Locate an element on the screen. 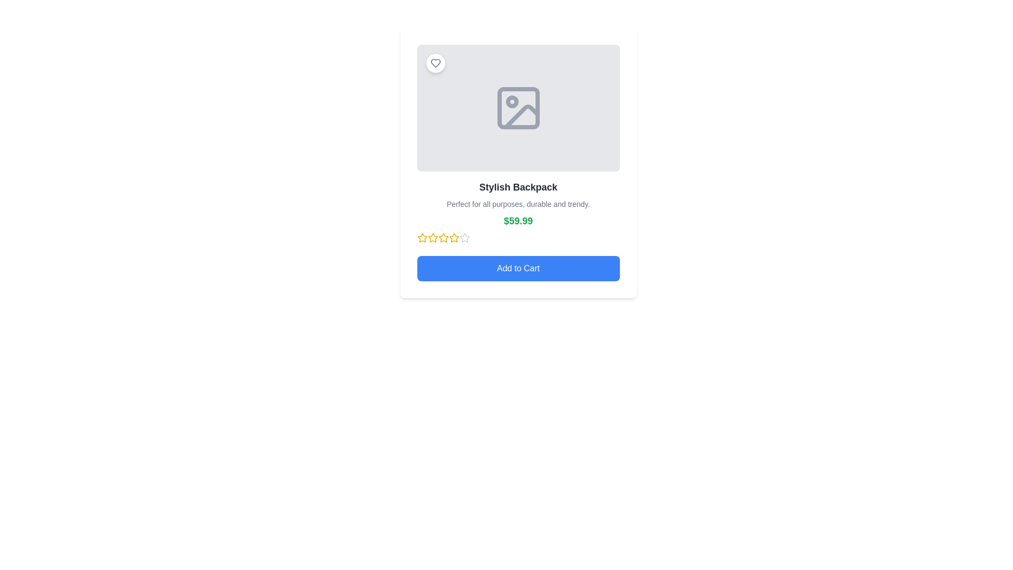 The height and width of the screenshot is (570, 1013). the favorite marker button located is located at coordinates (435, 63).